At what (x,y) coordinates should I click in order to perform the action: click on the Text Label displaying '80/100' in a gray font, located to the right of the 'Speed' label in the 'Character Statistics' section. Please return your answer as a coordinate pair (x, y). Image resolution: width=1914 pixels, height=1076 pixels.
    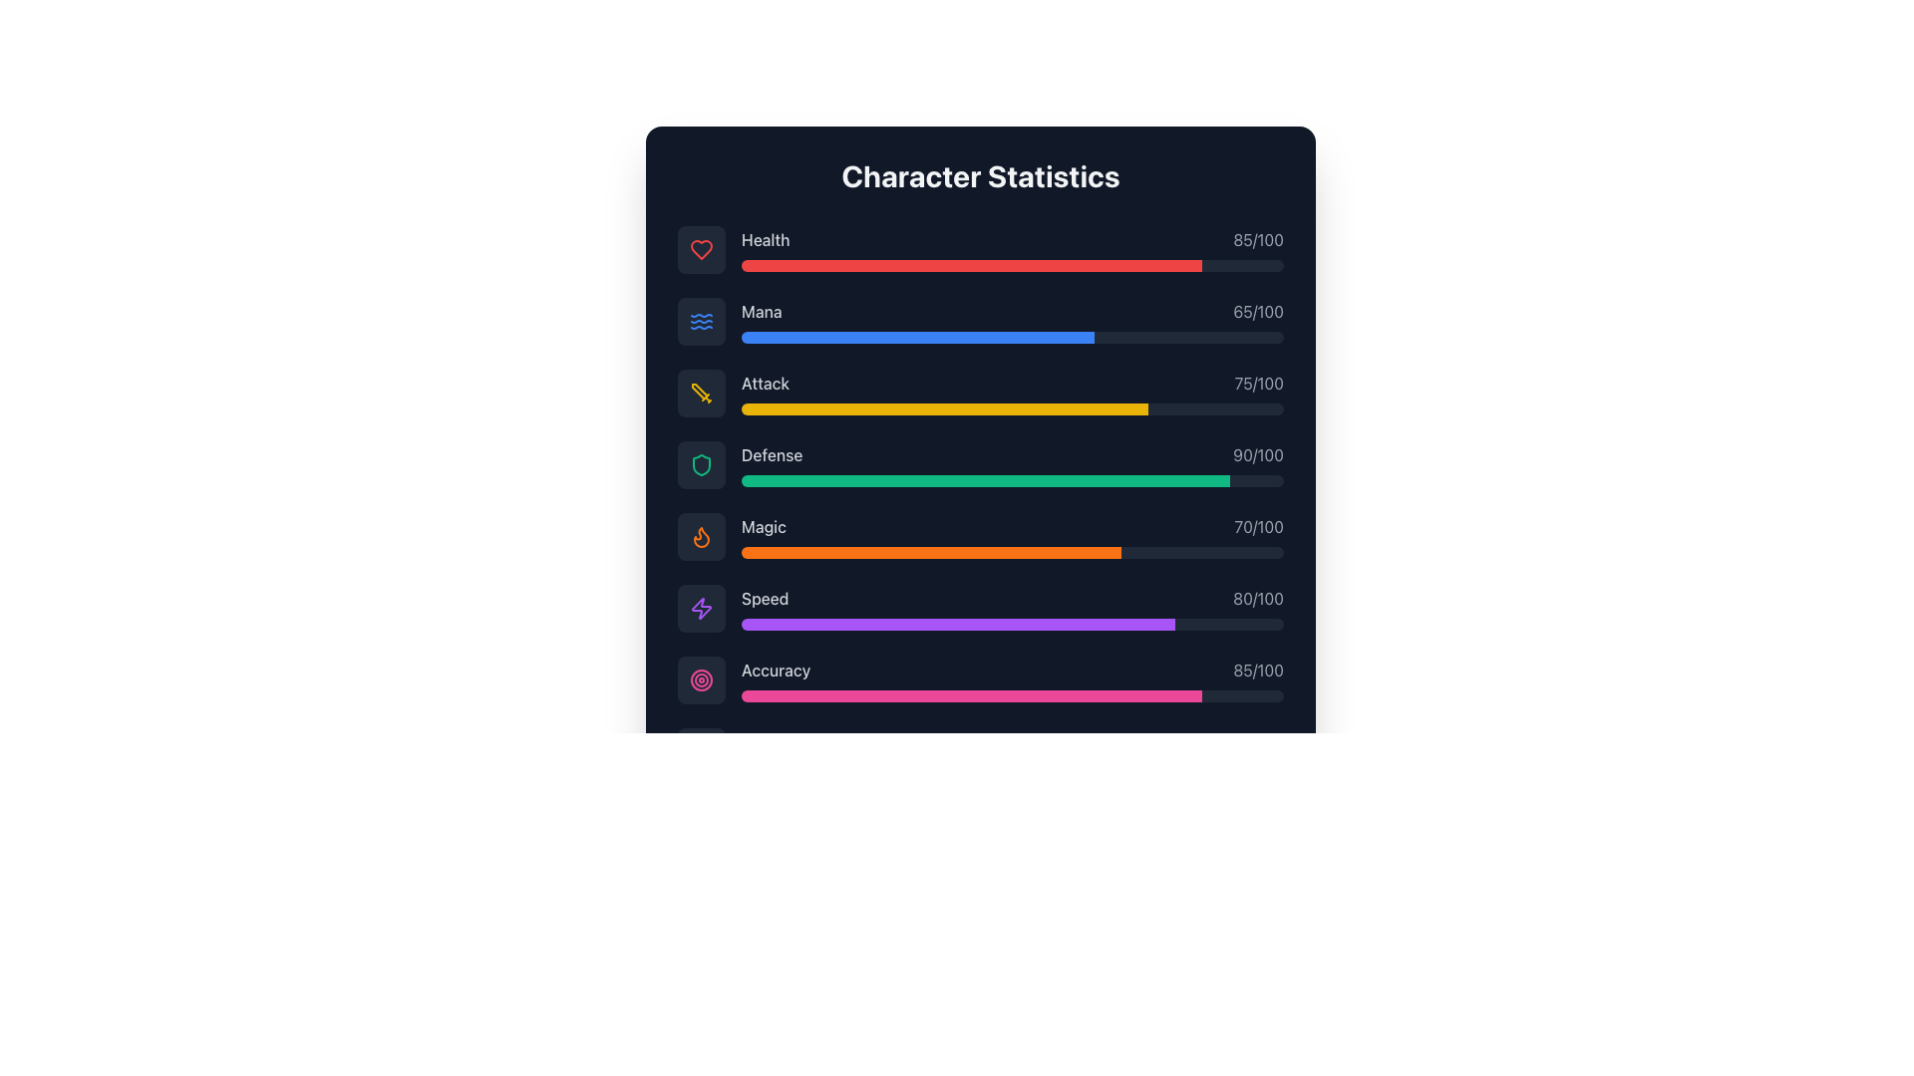
    Looking at the image, I should click on (1257, 598).